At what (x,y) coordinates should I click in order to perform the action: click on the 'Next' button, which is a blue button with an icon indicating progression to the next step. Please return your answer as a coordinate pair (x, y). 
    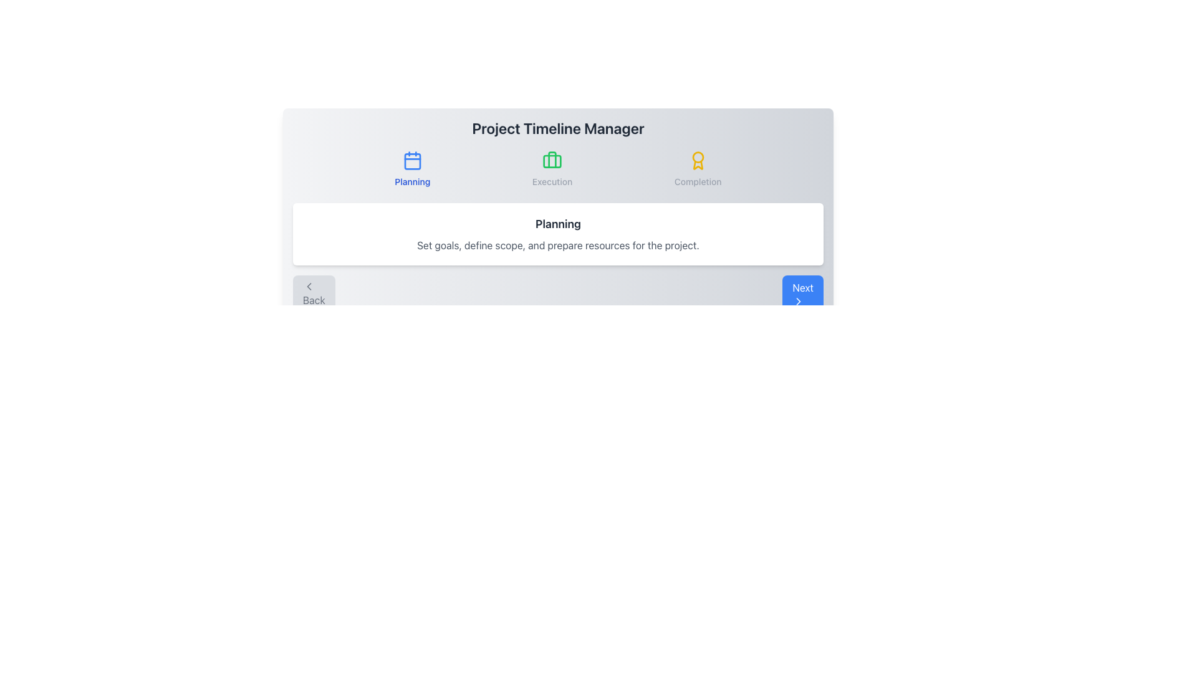
    Looking at the image, I should click on (799, 301).